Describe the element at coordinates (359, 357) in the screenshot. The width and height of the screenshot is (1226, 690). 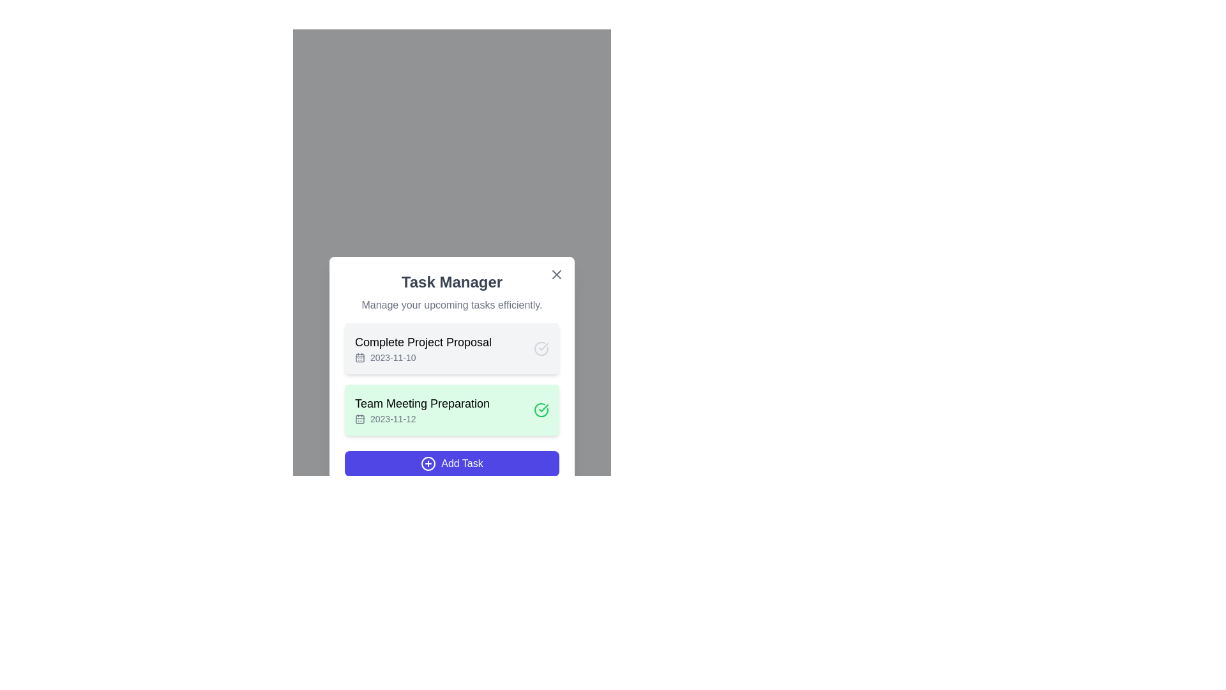
I see `the calendar icon located to the left of the date '2023-11-10'` at that location.